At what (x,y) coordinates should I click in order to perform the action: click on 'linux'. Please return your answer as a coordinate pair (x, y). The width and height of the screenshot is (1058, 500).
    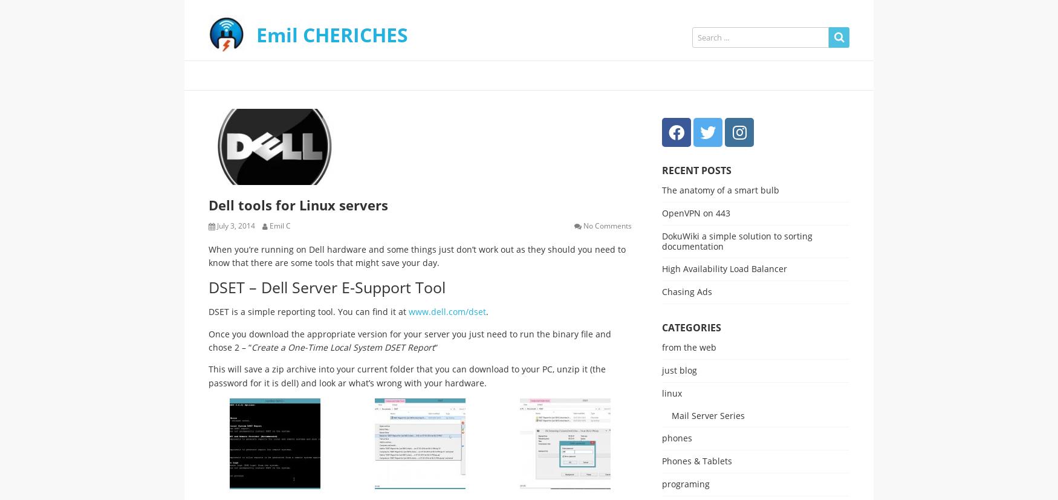
    Looking at the image, I should click on (672, 392).